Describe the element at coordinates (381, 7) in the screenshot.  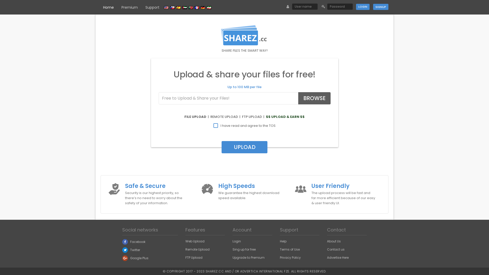
I see `'SIGNUP'` at that location.